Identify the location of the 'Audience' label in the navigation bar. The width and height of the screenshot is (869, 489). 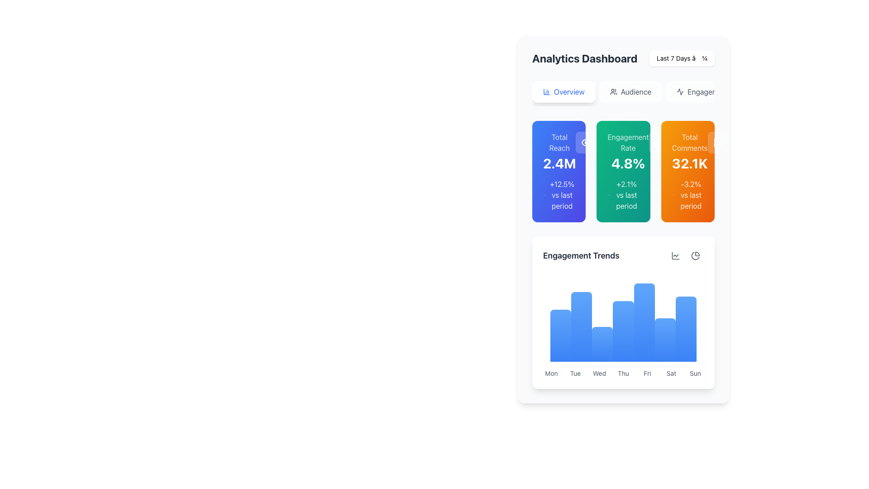
(635, 92).